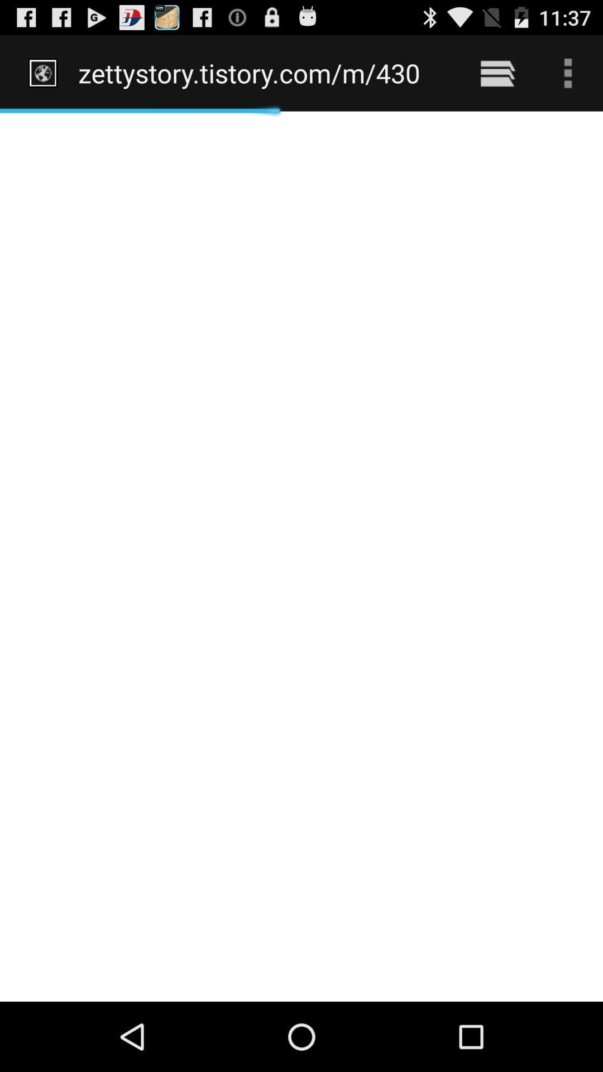 This screenshot has height=1072, width=603. What do you see at coordinates (497, 73) in the screenshot?
I see `item to the right of the zettystory tistory com` at bounding box center [497, 73].